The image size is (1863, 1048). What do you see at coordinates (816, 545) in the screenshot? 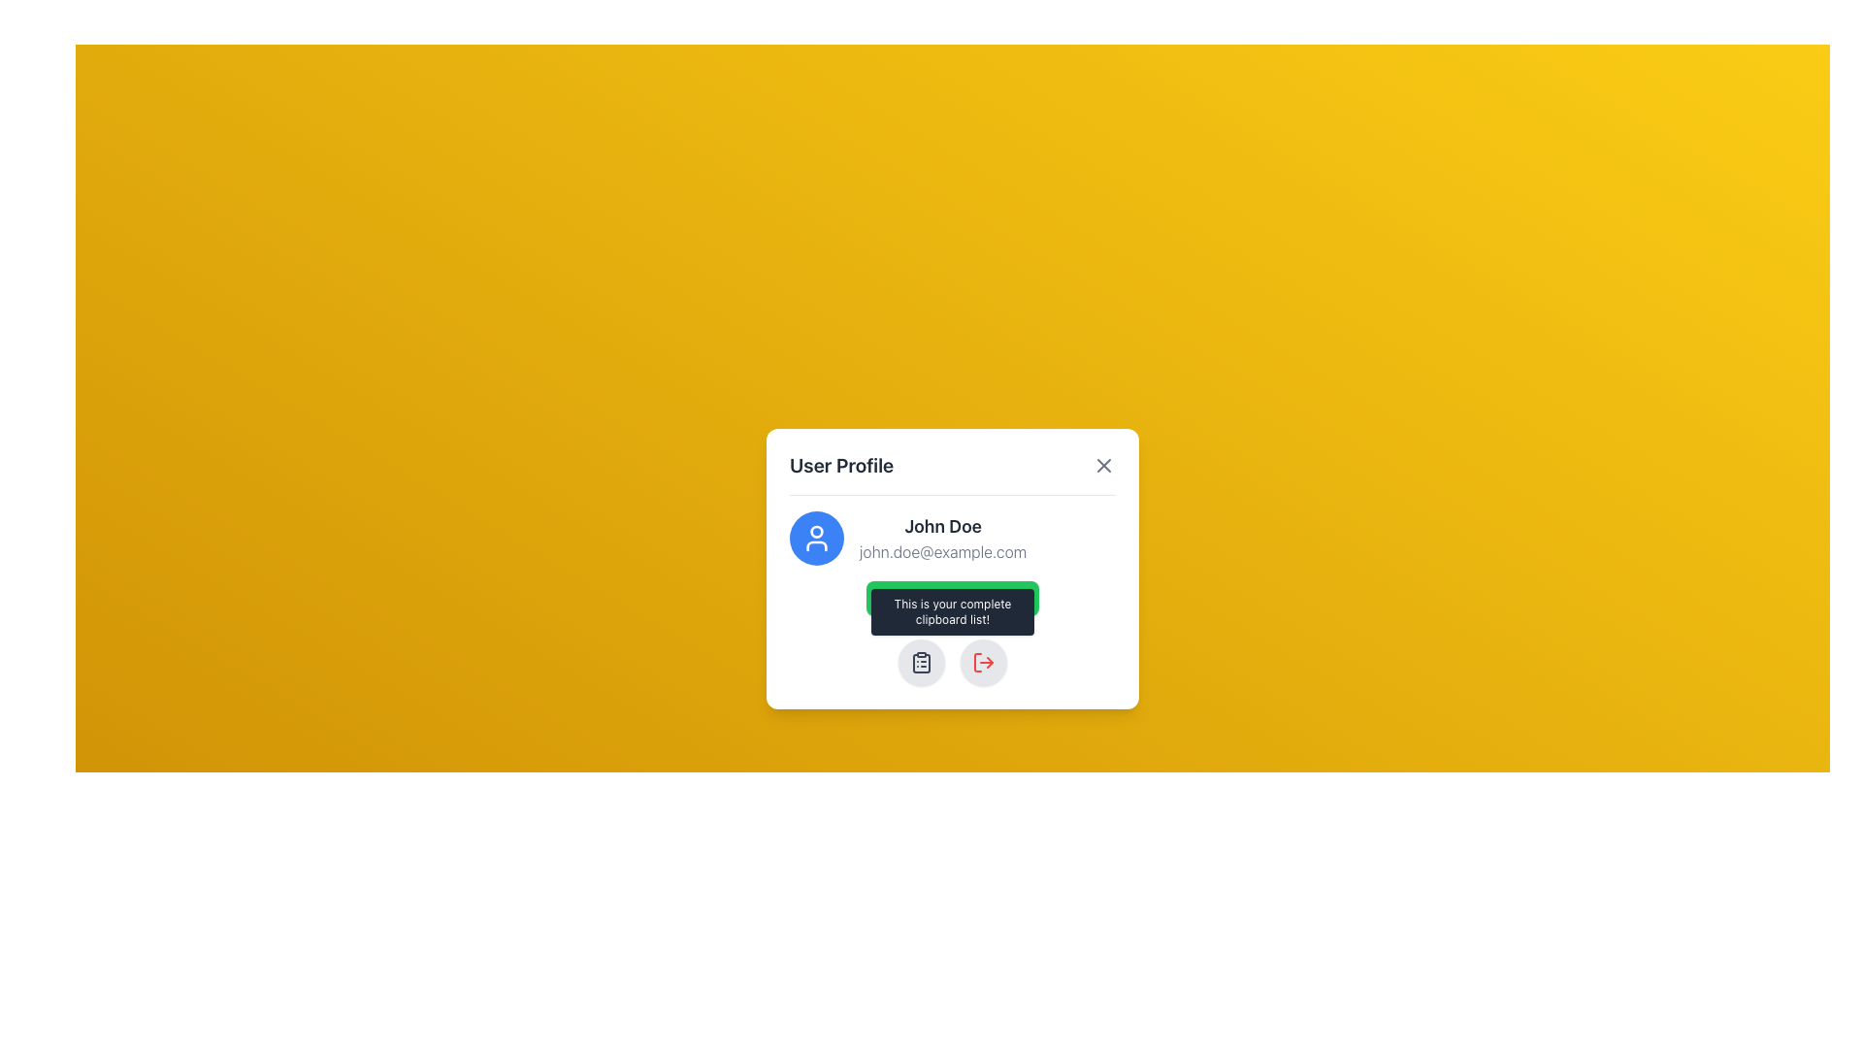
I see `the lower segment of the user profile icon, which represents the body of the stylized user figure` at bounding box center [816, 545].